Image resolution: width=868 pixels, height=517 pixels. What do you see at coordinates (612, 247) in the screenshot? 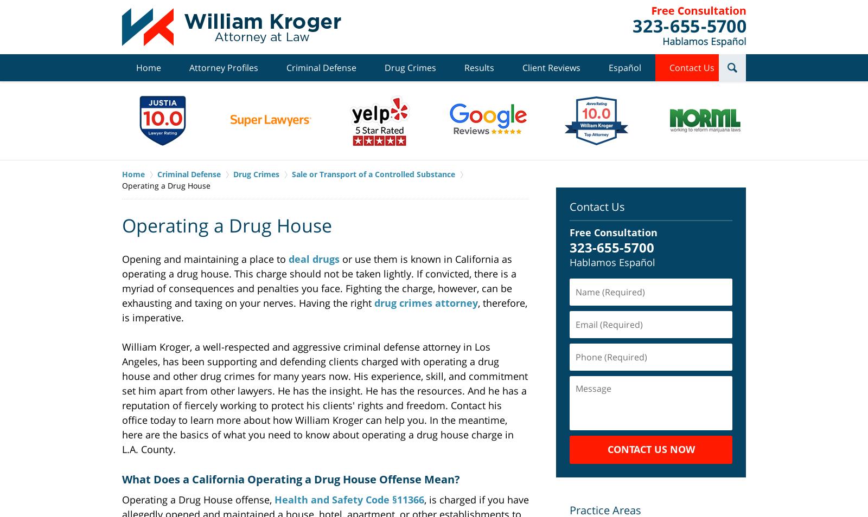
I see `'323-655-5700'` at bounding box center [612, 247].